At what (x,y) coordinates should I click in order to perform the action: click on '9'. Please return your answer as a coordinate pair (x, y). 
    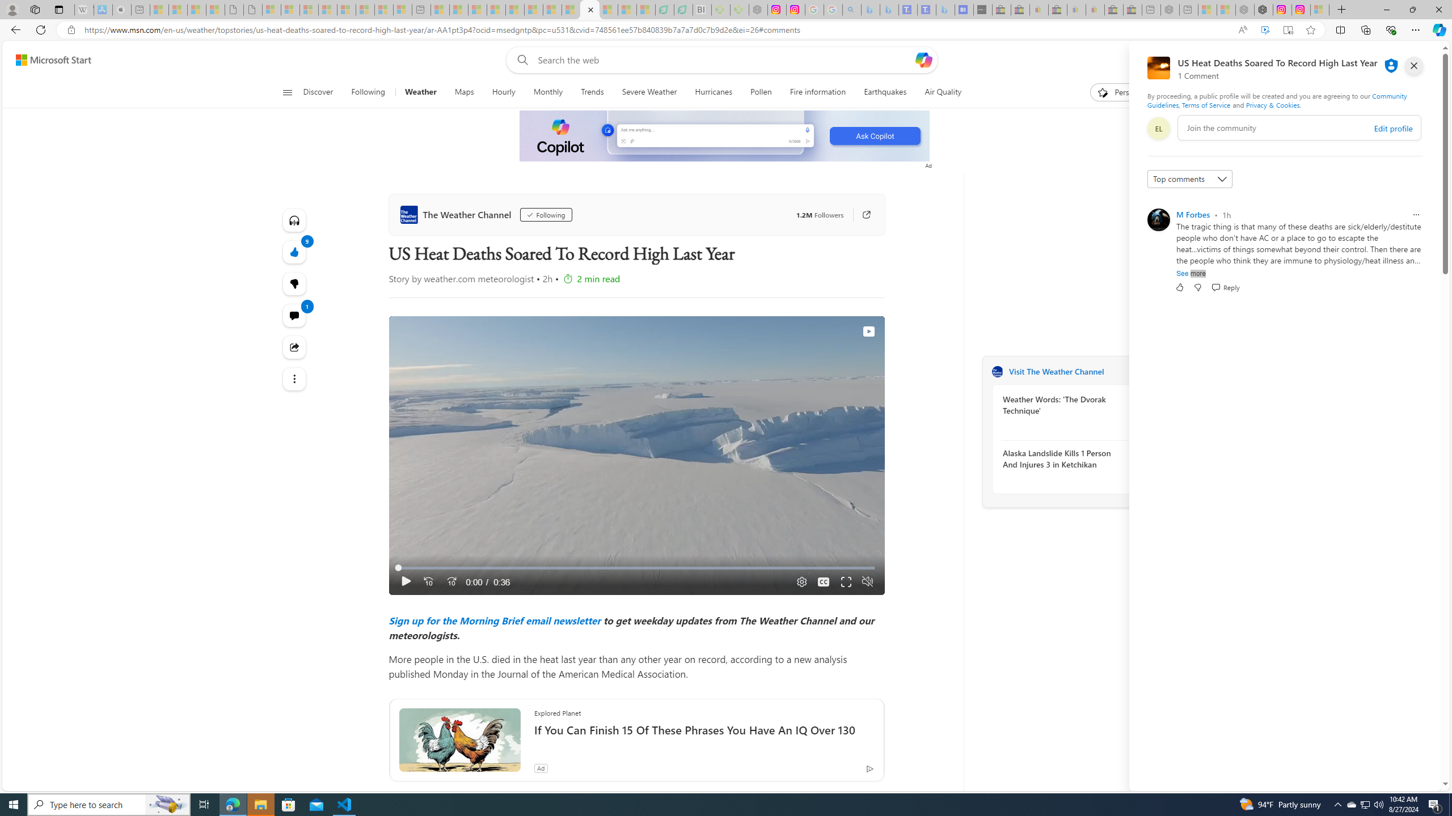
    Looking at the image, I should click on (294, 284).